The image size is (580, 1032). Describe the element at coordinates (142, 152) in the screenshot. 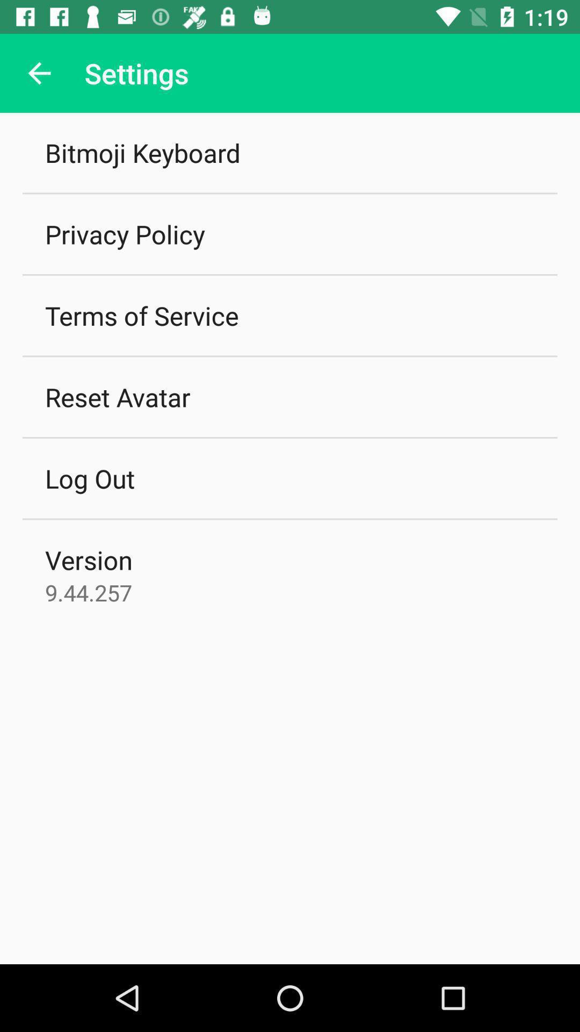

I see `the item above the privacy policy` at that location.